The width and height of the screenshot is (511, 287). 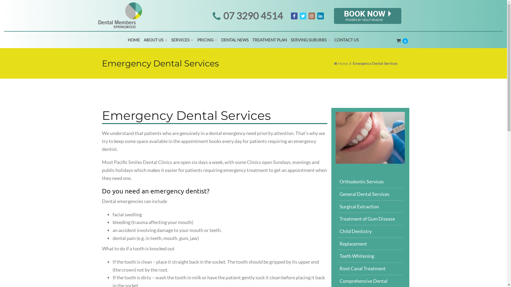 I want to click on 'Surgical Extraction', so click(x=370, y=206).